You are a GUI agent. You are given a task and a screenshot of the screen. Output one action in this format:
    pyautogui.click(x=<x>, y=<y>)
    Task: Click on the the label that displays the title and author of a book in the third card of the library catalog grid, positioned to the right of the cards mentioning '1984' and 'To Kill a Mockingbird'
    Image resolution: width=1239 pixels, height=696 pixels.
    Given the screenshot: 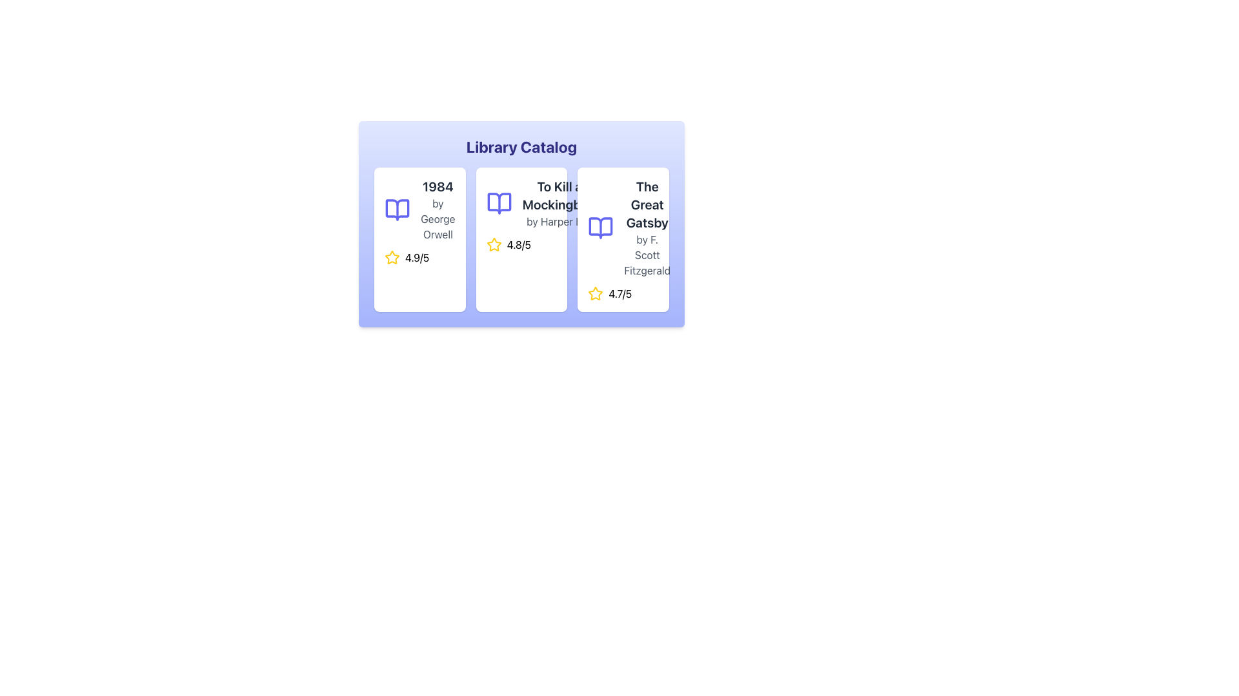 What is the action you would take?
    pyautogui.click(x=647, y=227)
    